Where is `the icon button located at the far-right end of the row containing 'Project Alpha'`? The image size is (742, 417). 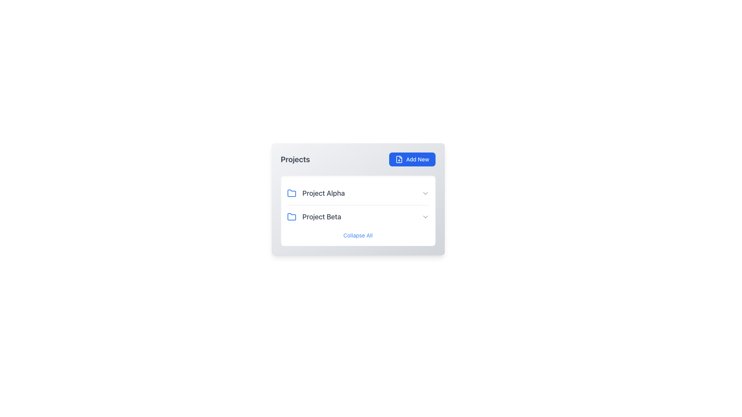 the icon button located at the far-right end of the row containing 'Project Alpha' is located at coordinates (425, 193).